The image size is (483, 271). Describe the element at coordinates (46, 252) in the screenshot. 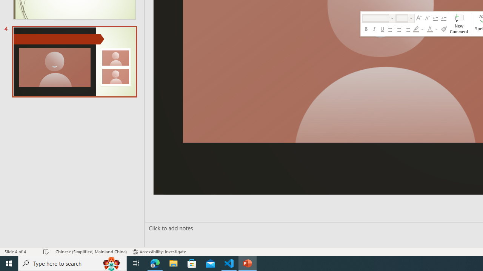

I see `'Spell Check No Errors'` at that location.